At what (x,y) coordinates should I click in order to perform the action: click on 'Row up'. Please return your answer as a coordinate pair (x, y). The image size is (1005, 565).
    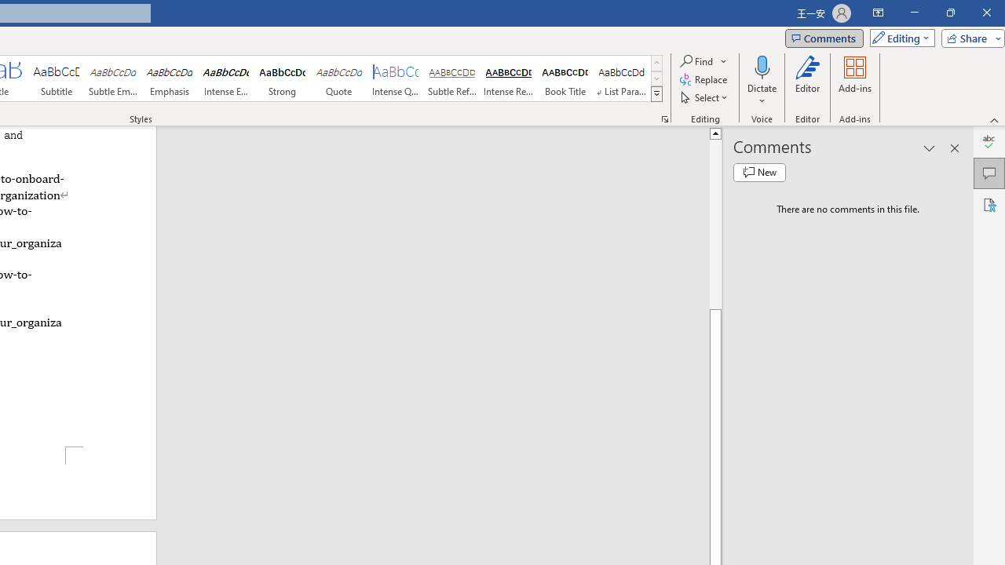
    Looking at the image, I should click on (656, 62).